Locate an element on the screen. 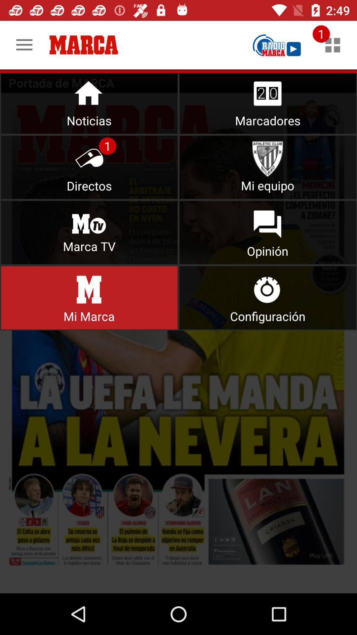 The height and width of the screenshot is (635, 357). entire page is located at coordinates (178, 343).